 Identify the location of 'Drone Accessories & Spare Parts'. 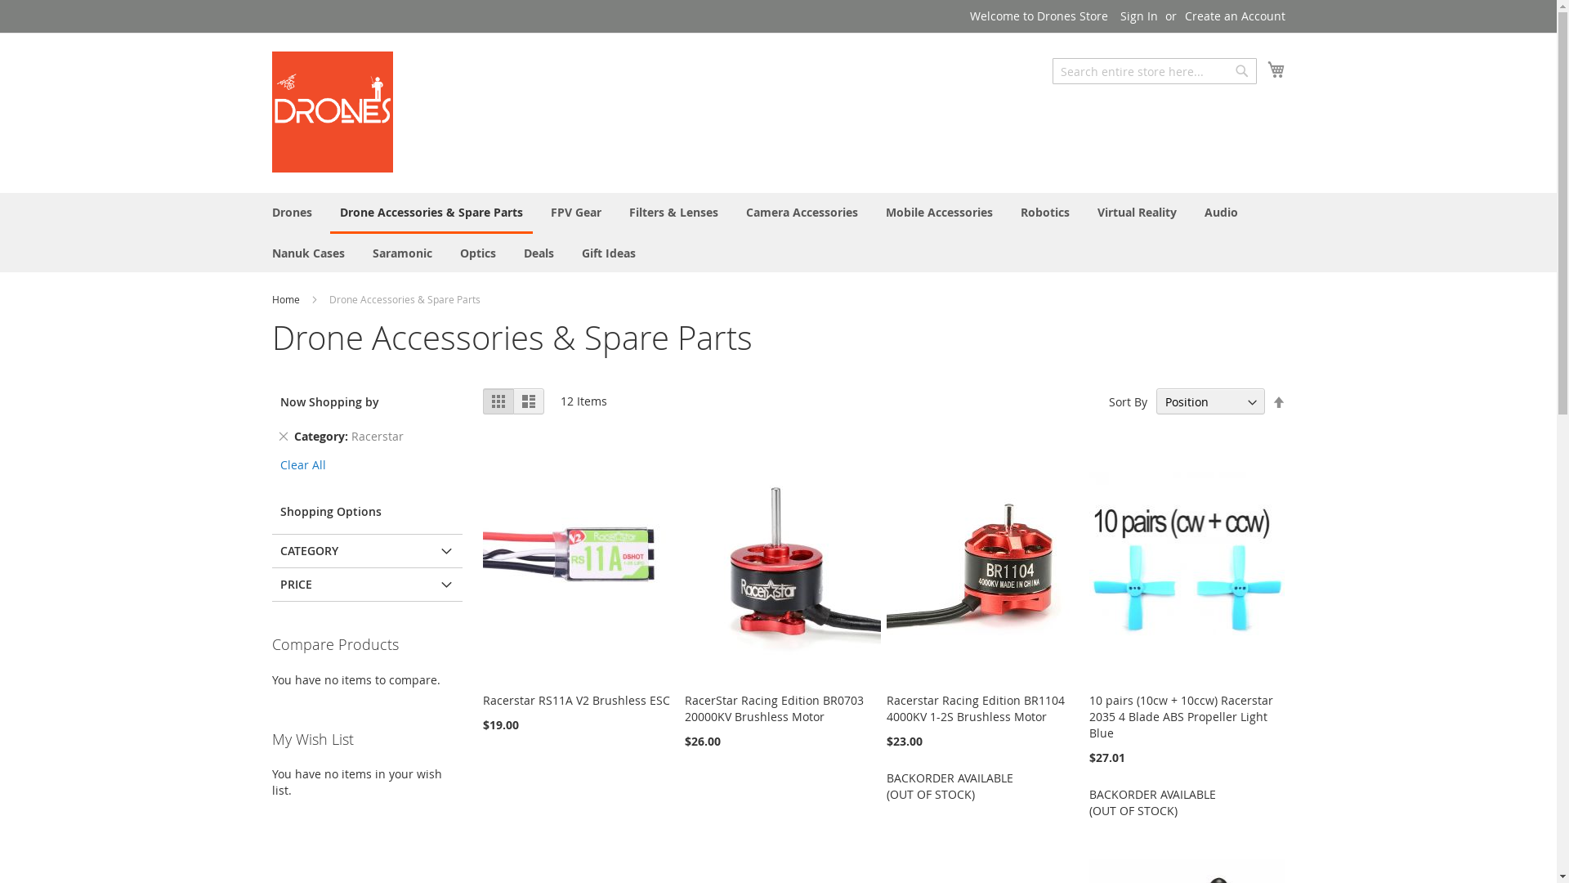
(431, 213).